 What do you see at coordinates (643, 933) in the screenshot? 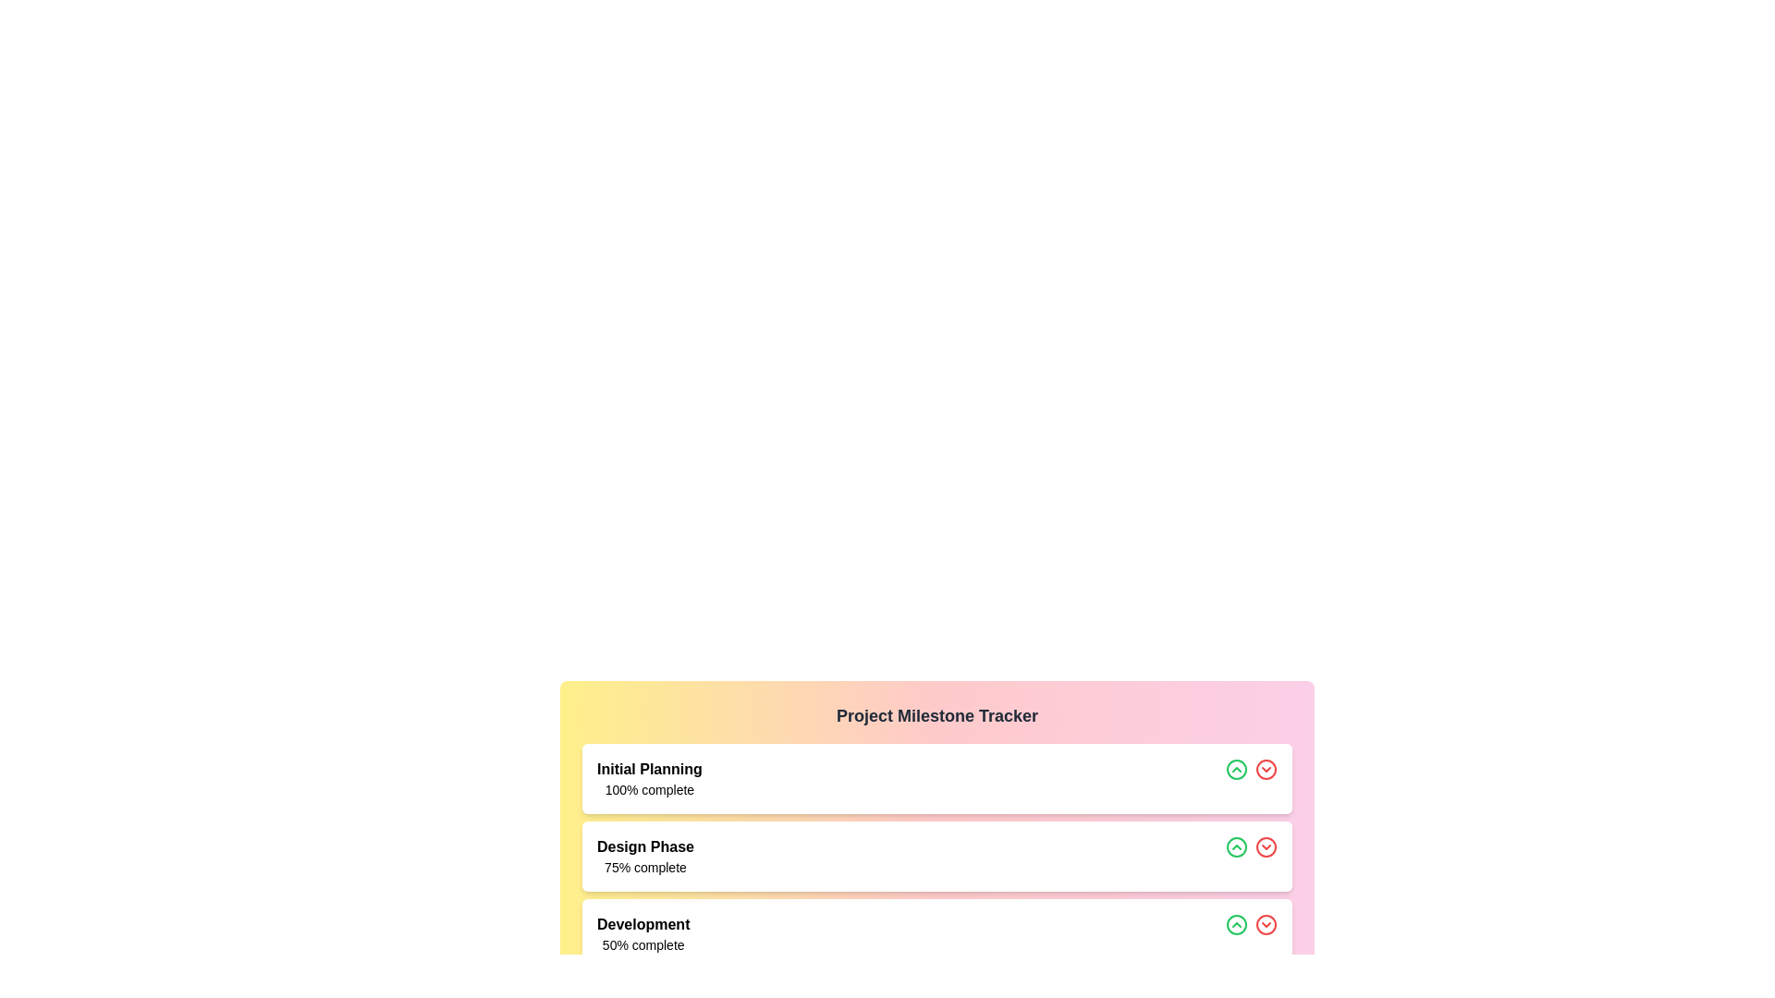
I see `the 'Development' milestone text display, which indicates '50% complete' and is the third item in the project list` at bounding box center [643, 933].